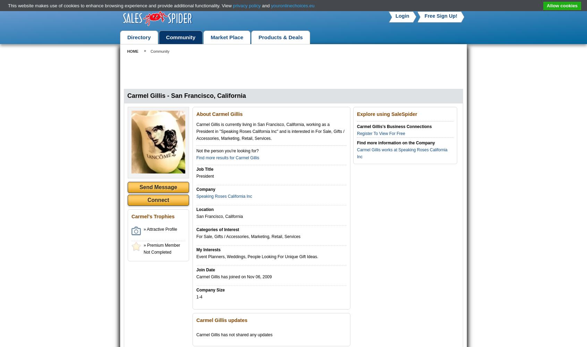 Image resolution: width=587 pixels, height=347 pixels. What do you see at coordinates (395, 143) in the screenshot?
I see `'Find more information on the Company'` at bounding box center [395, 143].